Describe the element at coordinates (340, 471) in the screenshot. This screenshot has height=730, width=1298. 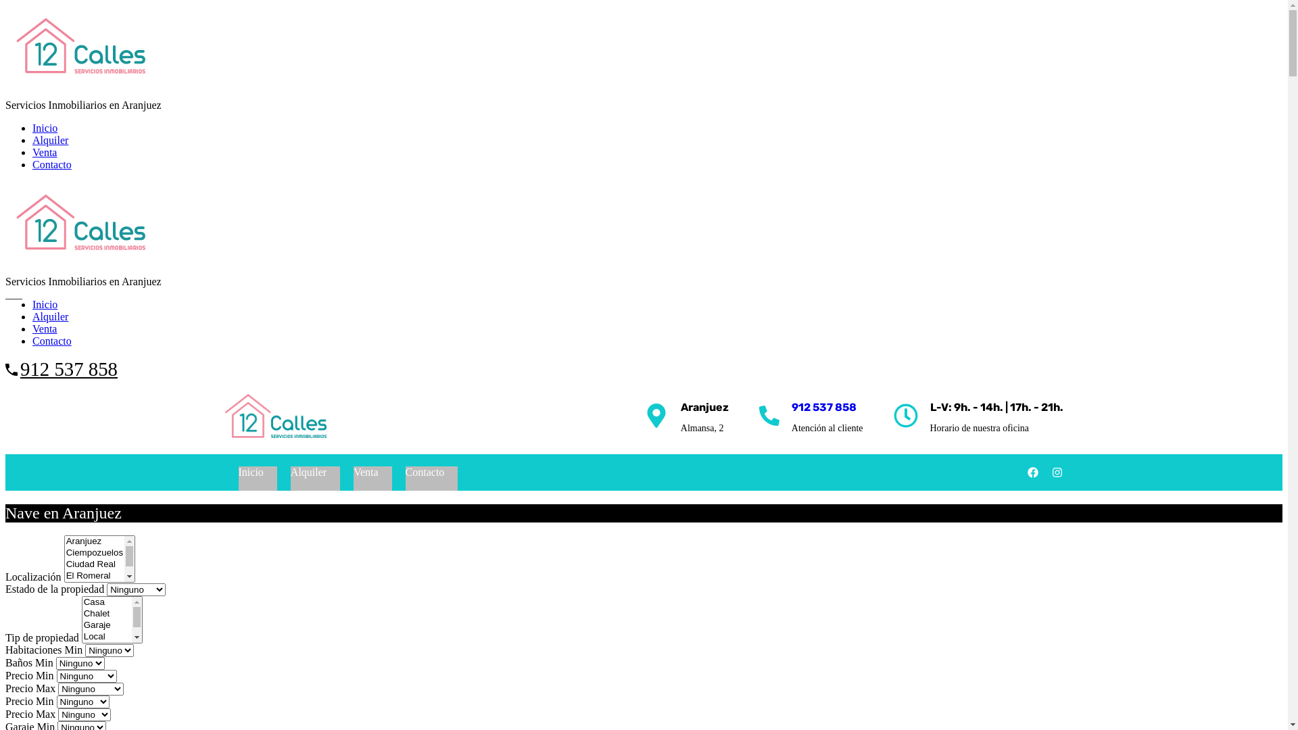
I see `'Venta'` at that location.